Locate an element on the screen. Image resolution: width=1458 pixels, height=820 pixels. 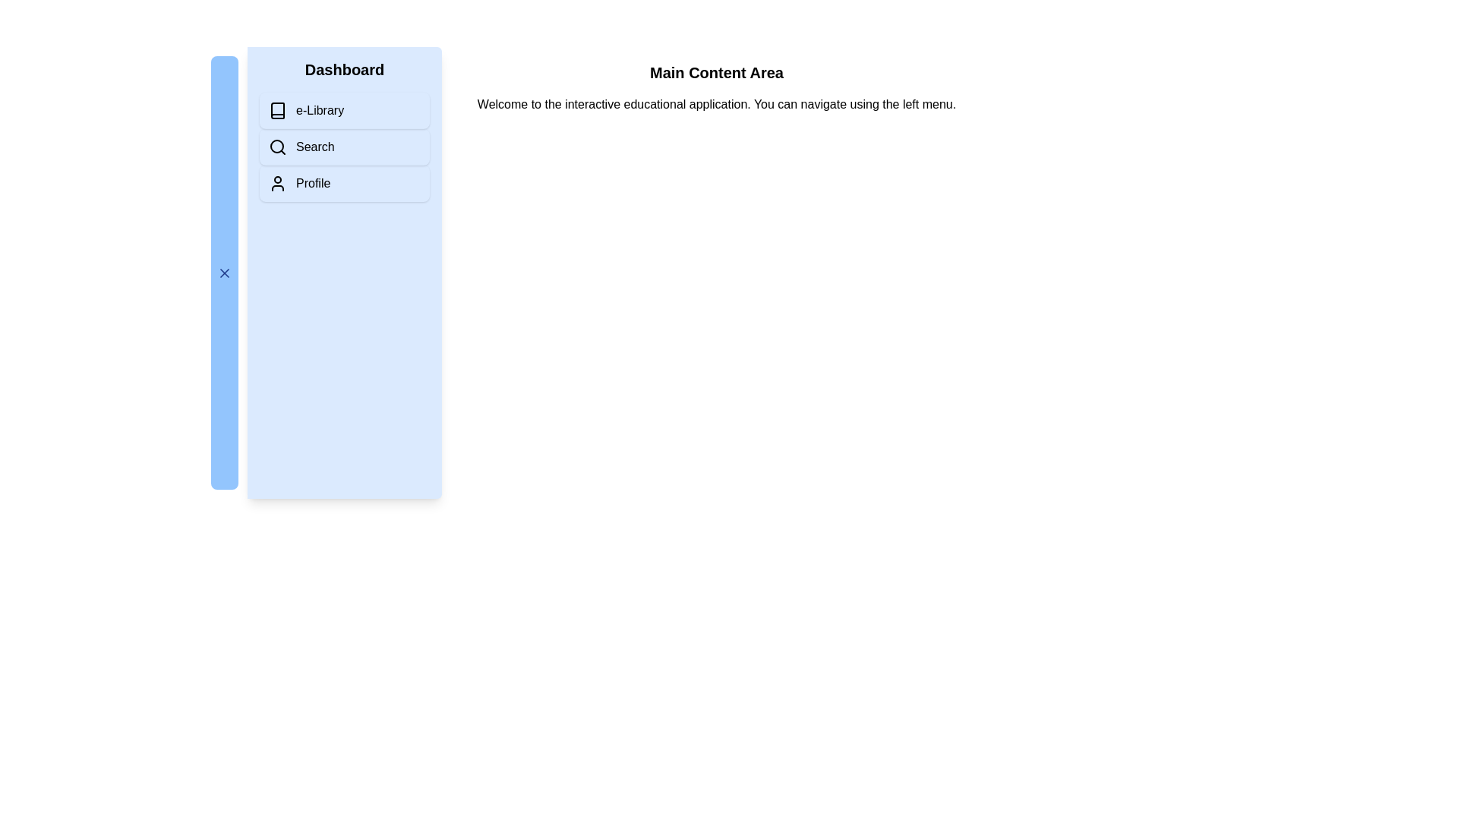
the Text Label that serves as a title or heading for the main content area, located at the top of the main content section is located at coordinates (716, 73).